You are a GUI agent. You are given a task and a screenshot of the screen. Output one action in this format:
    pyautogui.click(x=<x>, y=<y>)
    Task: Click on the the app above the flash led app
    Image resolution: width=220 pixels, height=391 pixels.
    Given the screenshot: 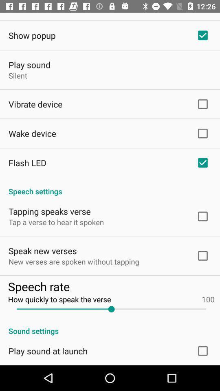 What is the action you would take?
    pyautogui.click(x=32, y=133)
    